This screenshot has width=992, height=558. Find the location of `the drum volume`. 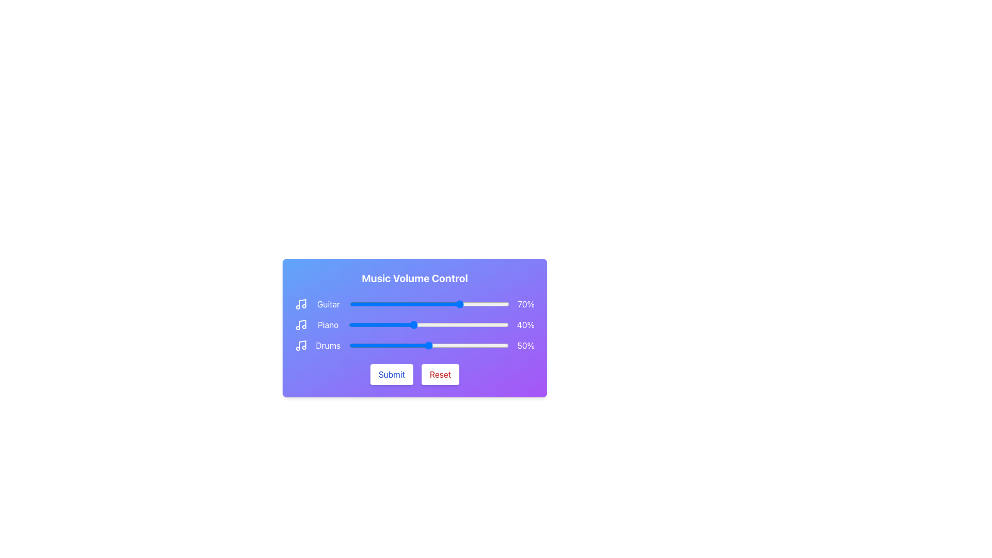

the drum volume is located at coordinates (414, 345).